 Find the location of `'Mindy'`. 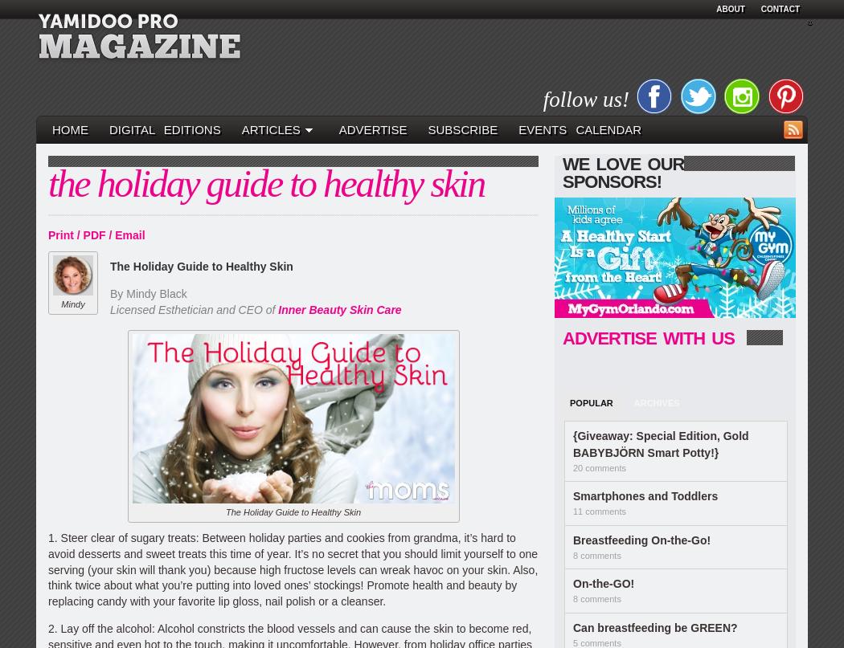

'Mindy' is located at coordinates (72, 304).